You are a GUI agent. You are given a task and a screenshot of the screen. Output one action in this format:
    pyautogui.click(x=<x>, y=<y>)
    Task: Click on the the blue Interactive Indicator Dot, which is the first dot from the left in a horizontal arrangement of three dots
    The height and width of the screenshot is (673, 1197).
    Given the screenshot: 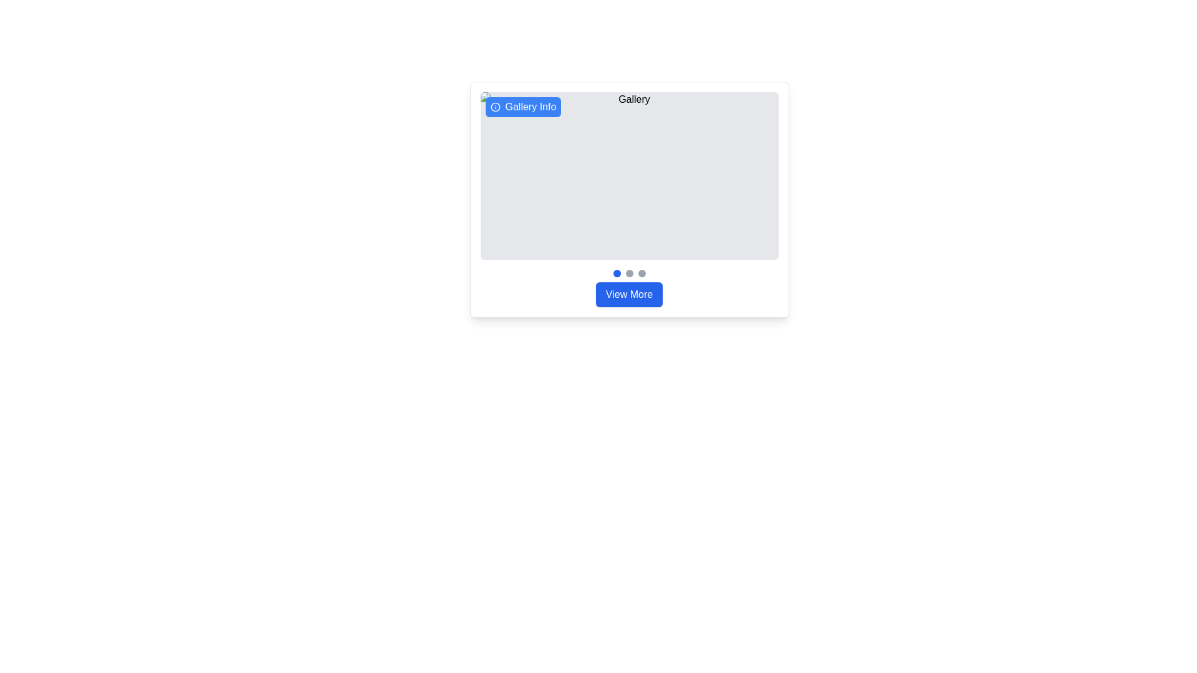 What is the action you would take?
    pyautogui.click(x=617, y=272)
    